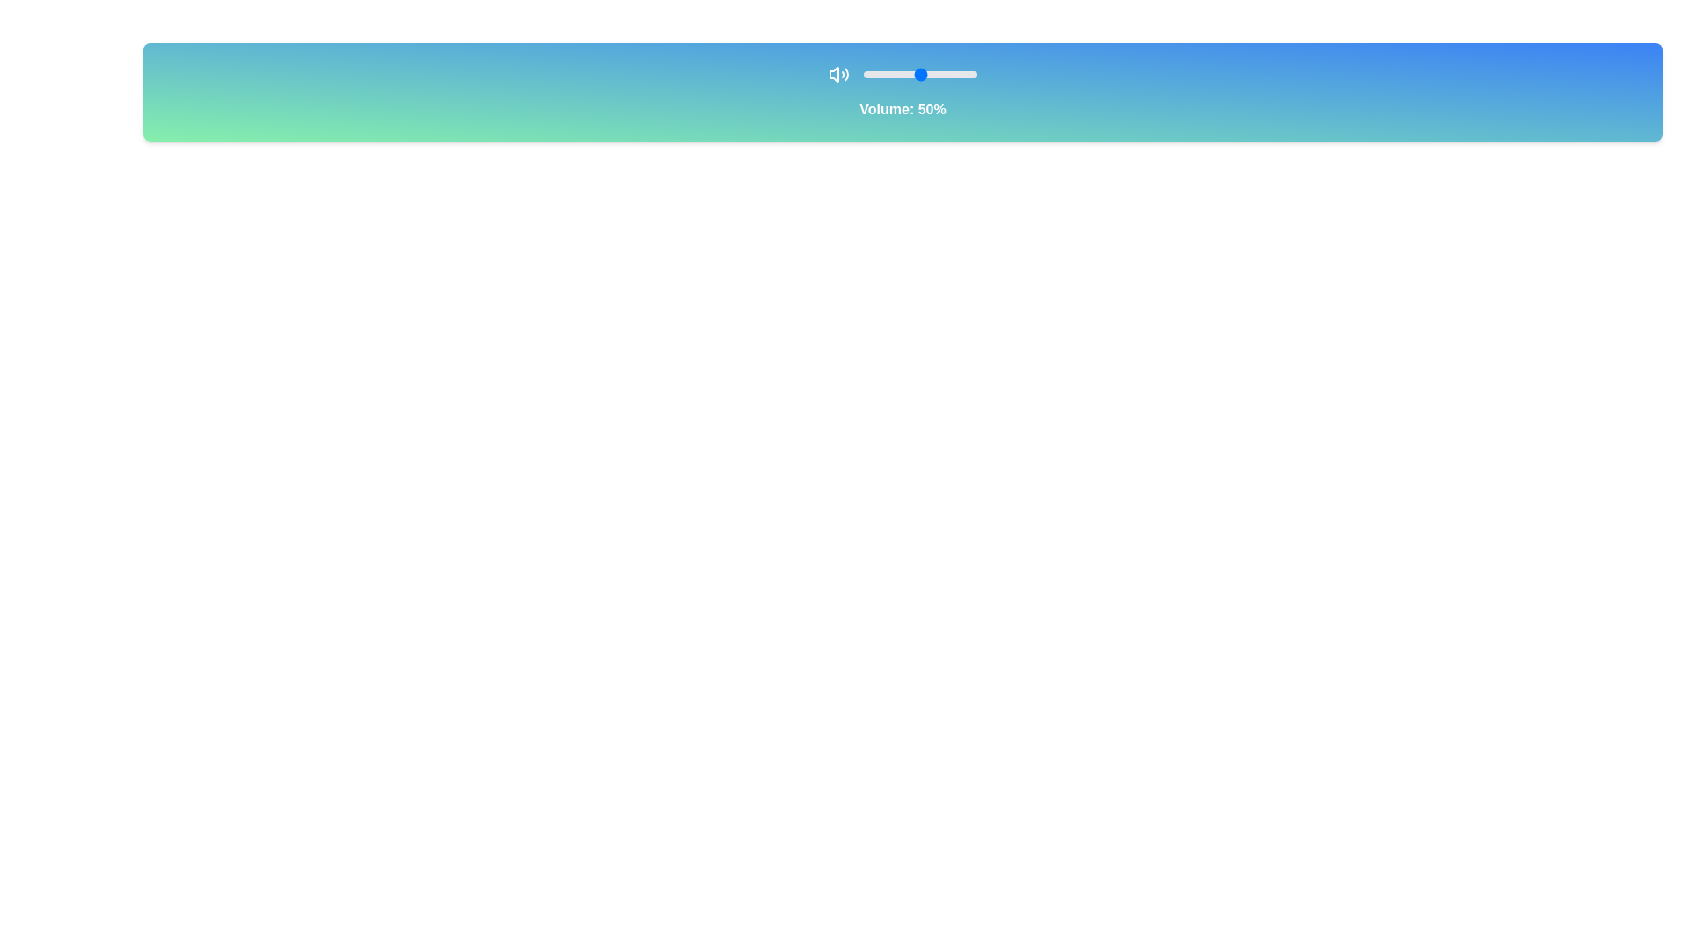 This screenshot has height=950, width=1689. I want to click on the volume level on the slider, so click(930, 73).